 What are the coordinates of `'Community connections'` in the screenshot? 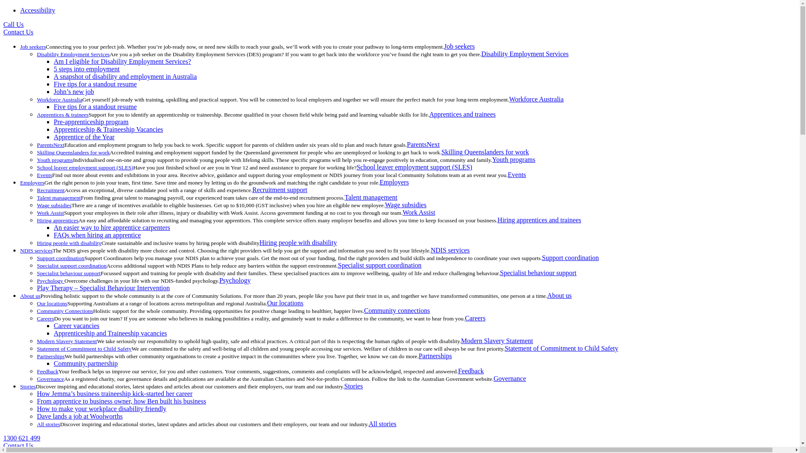 It's located at (396, 310).